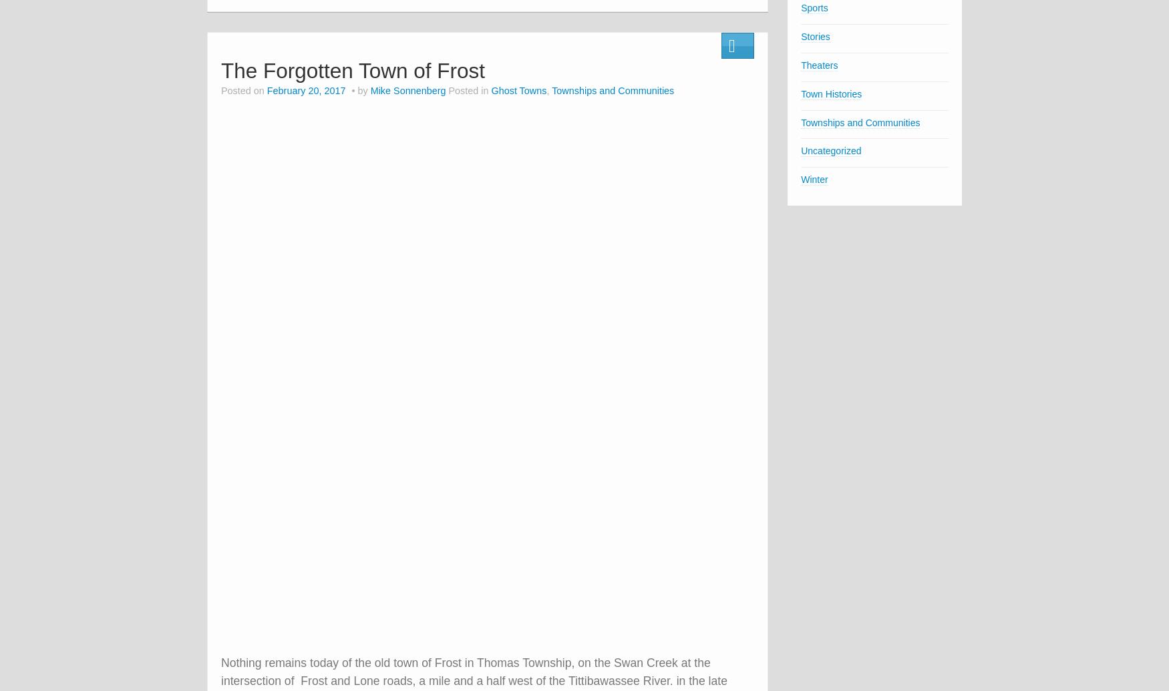 The image size is (1169, 691). What do you see at coordinates (831, 93) in the screenshot?
I see `'Town Histories'` at bounding box center [831, 93].